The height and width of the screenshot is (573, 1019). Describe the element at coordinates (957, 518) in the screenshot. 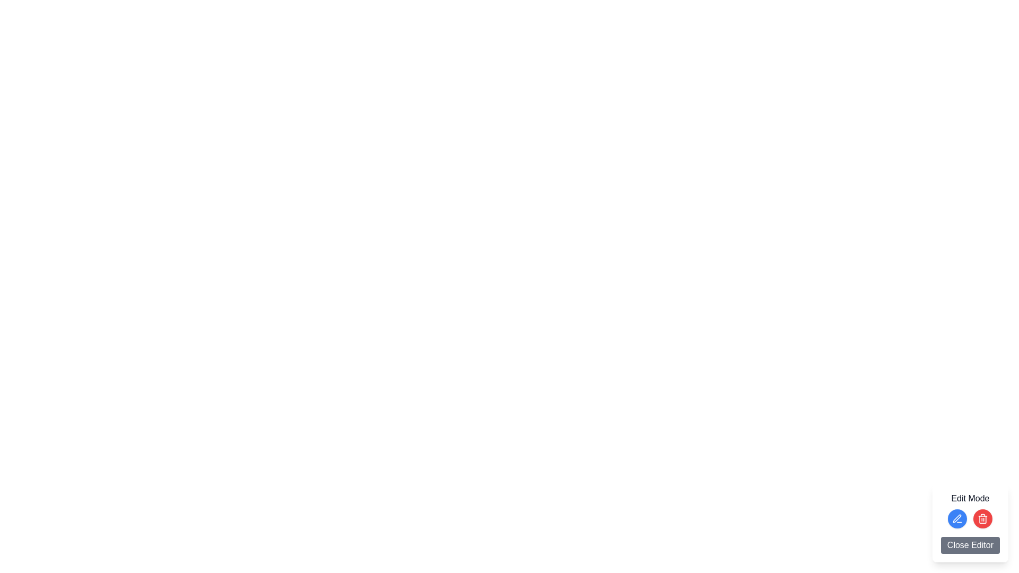

I see `the circular blue button with a white pen icon located in the bottom-right corner of the interface` at that location.